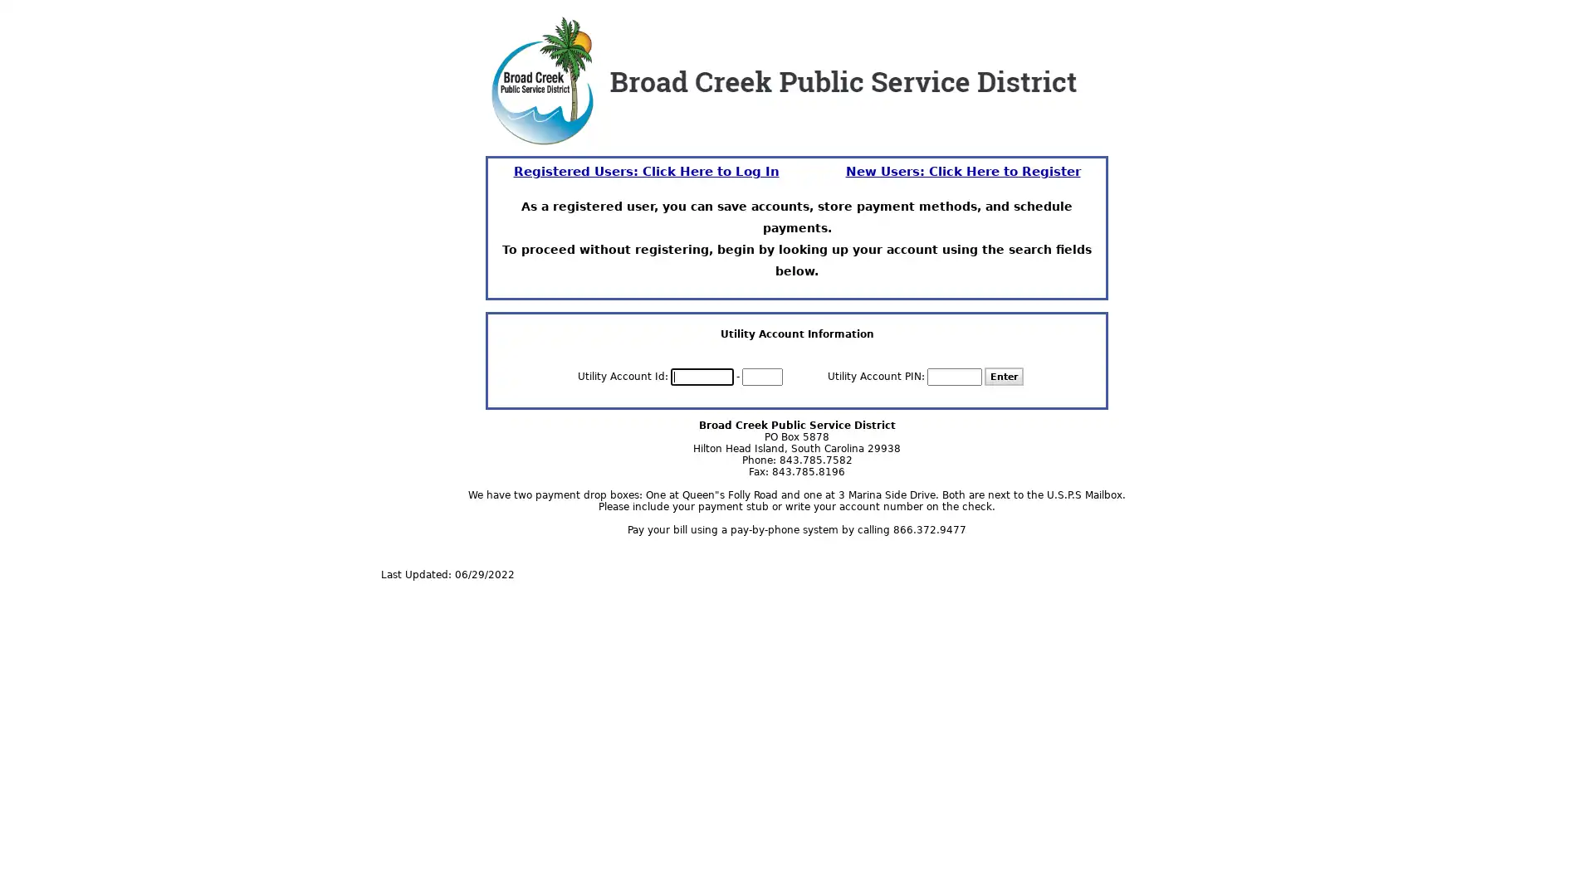 This screenshot has width=1594, height=896. What do you see at coordinates (1003, 377) in the screenshot?
I see `Enter` at bounding box center [1003, 377].